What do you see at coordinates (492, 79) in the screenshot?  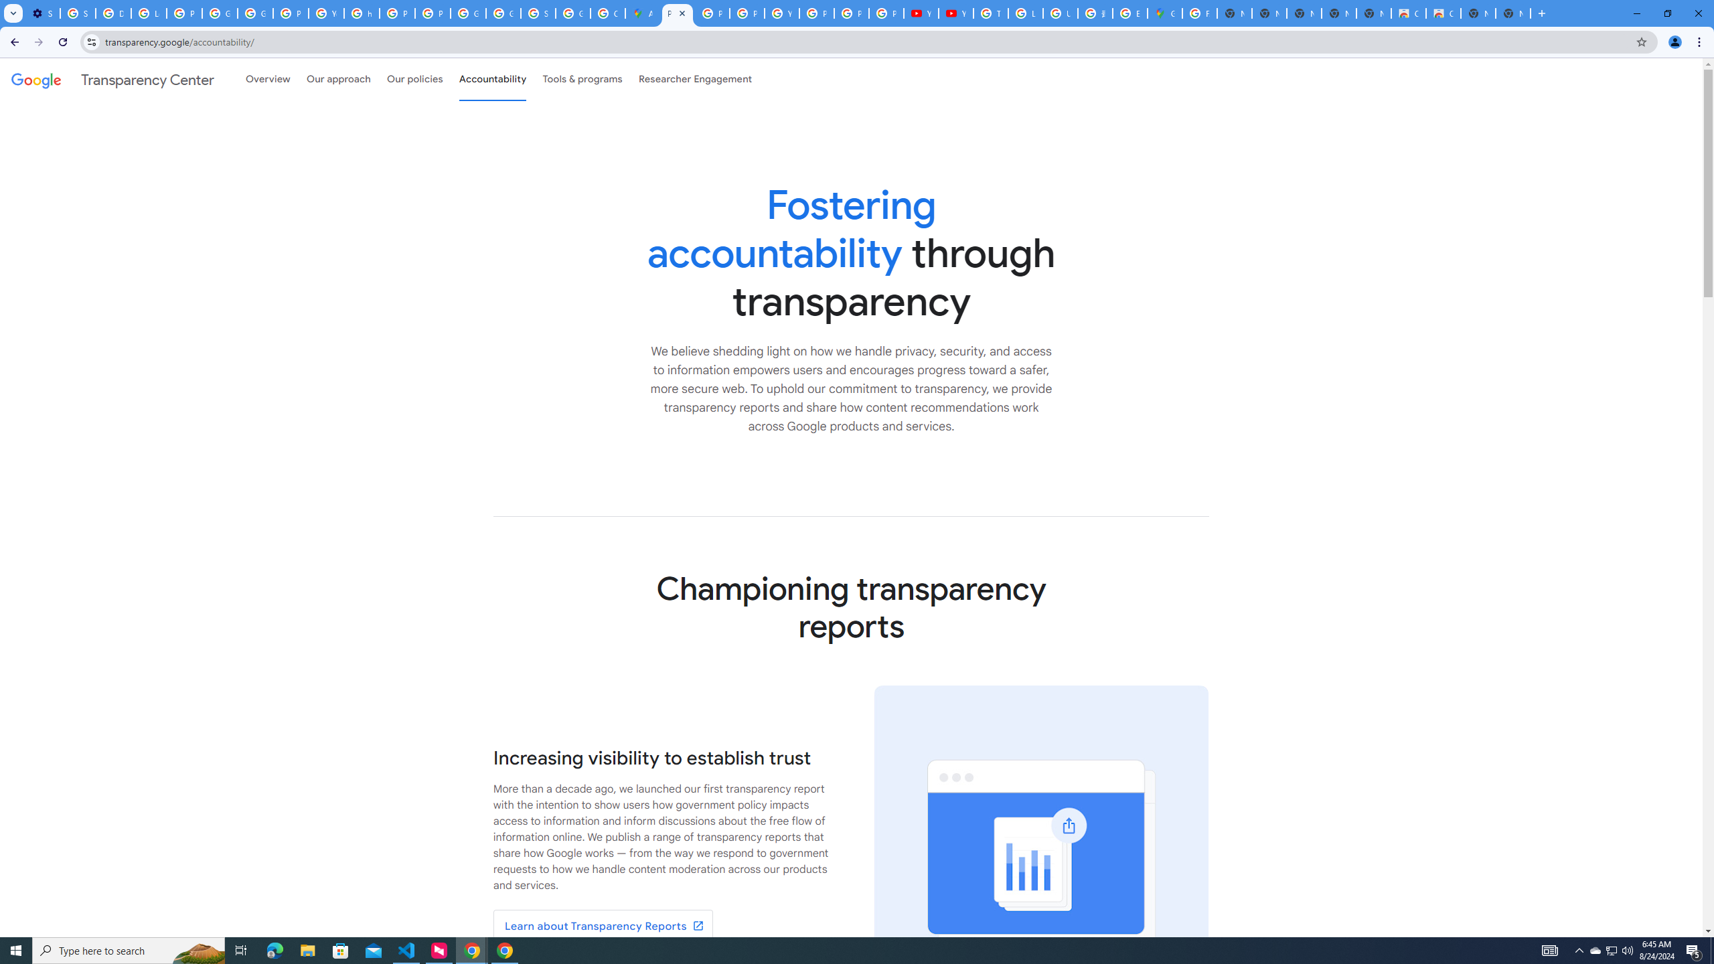 I see `'Accountability'` at bounding box center [492, 79].